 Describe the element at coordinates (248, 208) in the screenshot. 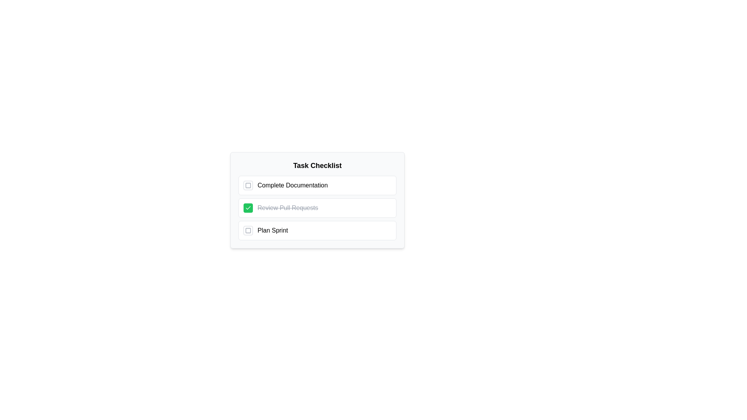

I see `the square green button with a white checkmark icon, located next to the 'Review Pull Requests' text, to trigger hints or animations` at that location.